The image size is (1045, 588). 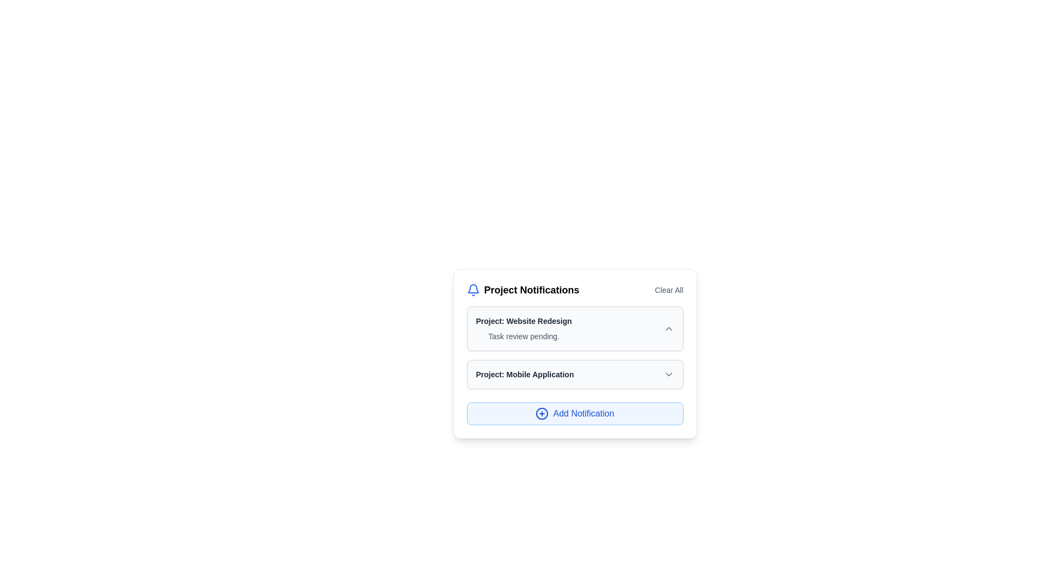 I want to click on information displayed in the text block that shows 'Project: Website Redesign' and 'Task review pending.', so click(x=524, y=328).